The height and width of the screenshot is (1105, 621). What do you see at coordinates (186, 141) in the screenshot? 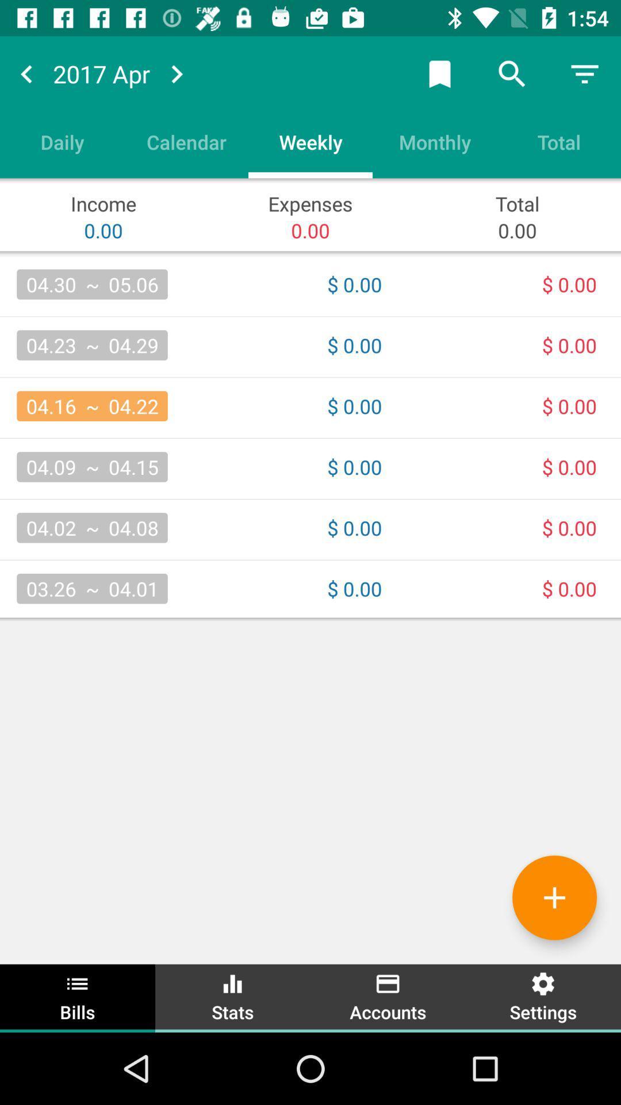
I see `the item to the right of daily icon` at bounding box center [186, 141].